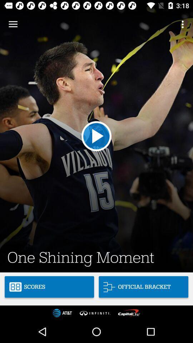  Describe the element at coordinates (143, 287) in the screenshot. I see `item to the right of scores item` at that location.